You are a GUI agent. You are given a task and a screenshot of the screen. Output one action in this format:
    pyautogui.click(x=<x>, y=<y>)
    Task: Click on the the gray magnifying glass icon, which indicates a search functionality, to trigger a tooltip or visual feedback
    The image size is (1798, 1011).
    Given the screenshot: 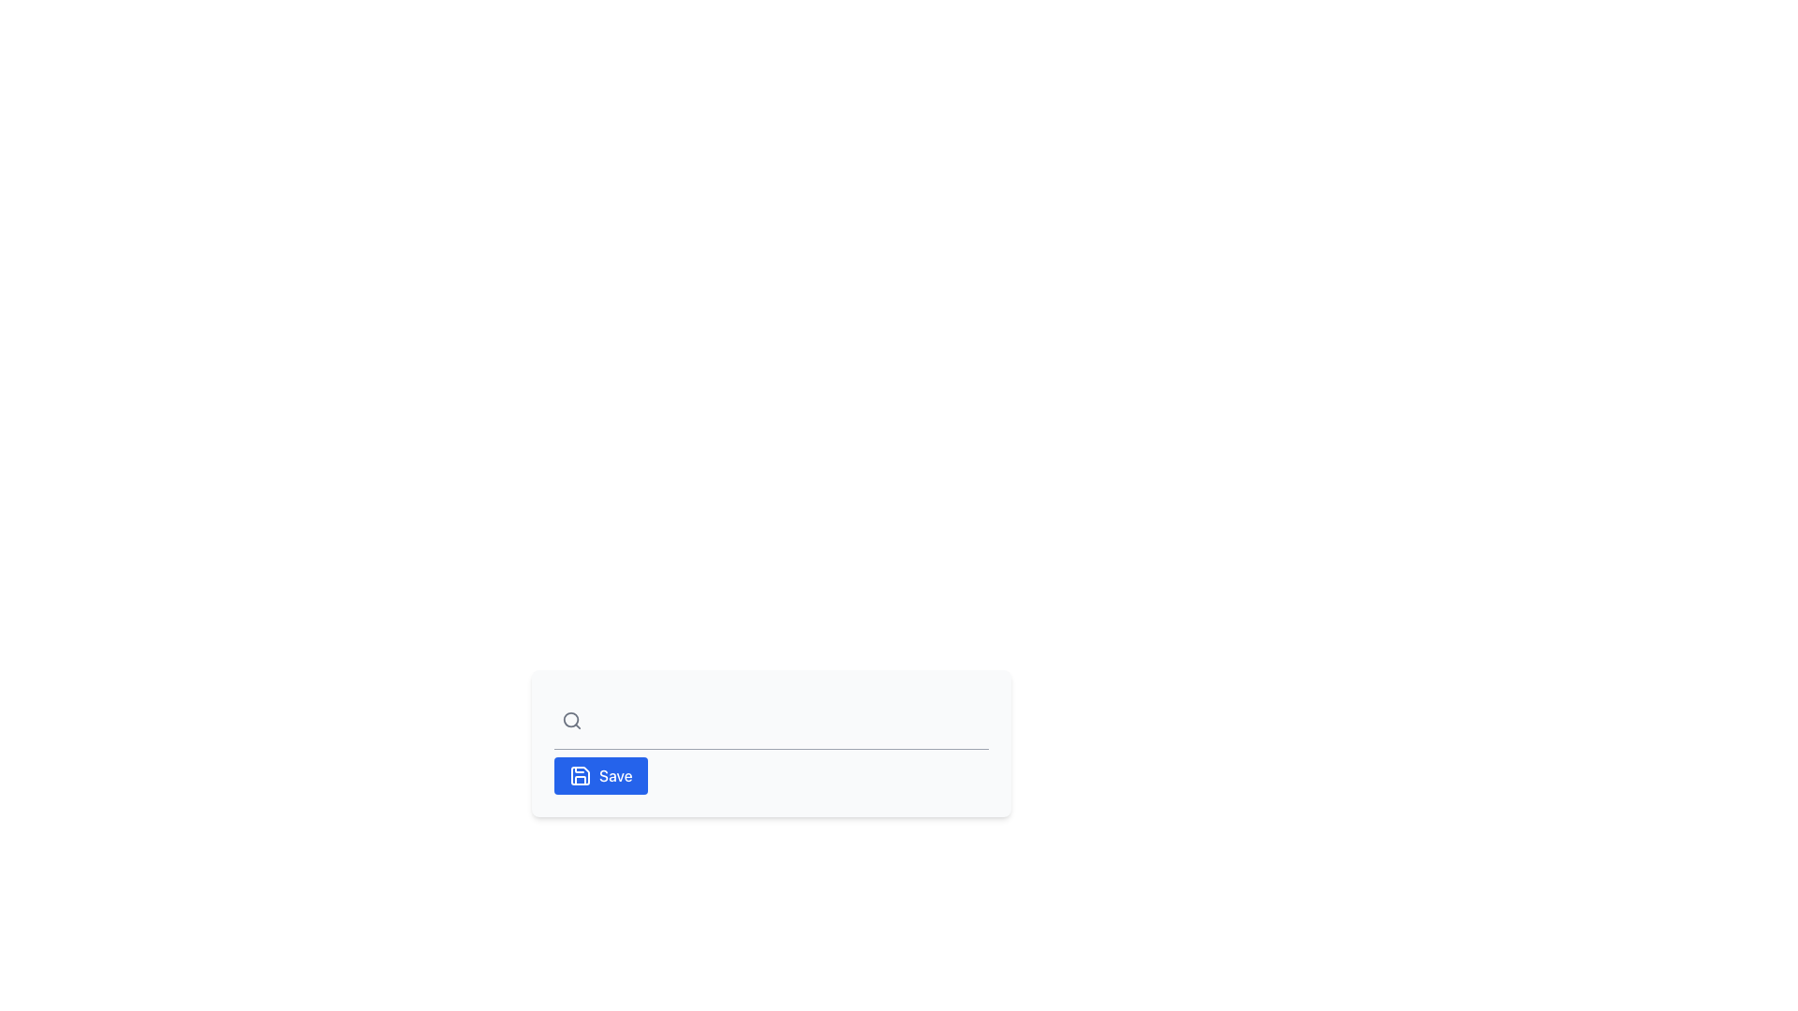 What is the action you would take?
    pyautogui.click(x=570, y=720)
    